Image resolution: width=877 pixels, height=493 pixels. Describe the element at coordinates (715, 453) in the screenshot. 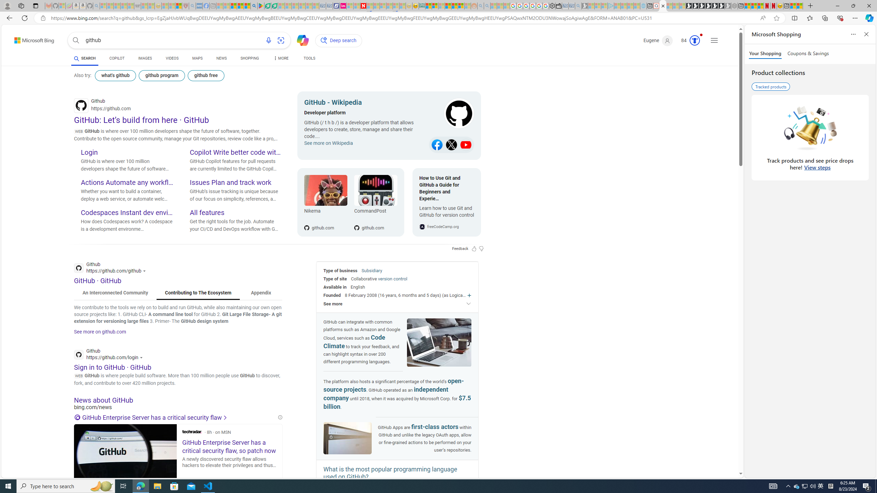

I see `'AutomationID: mfa_root'` at that location.